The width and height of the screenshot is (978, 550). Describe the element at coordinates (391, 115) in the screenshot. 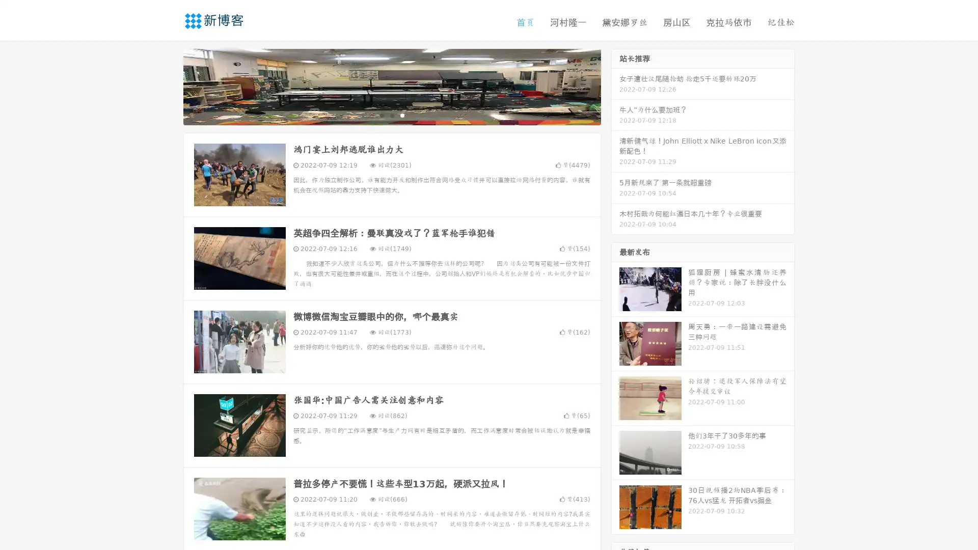

I see `Go to slide 2` at that location.